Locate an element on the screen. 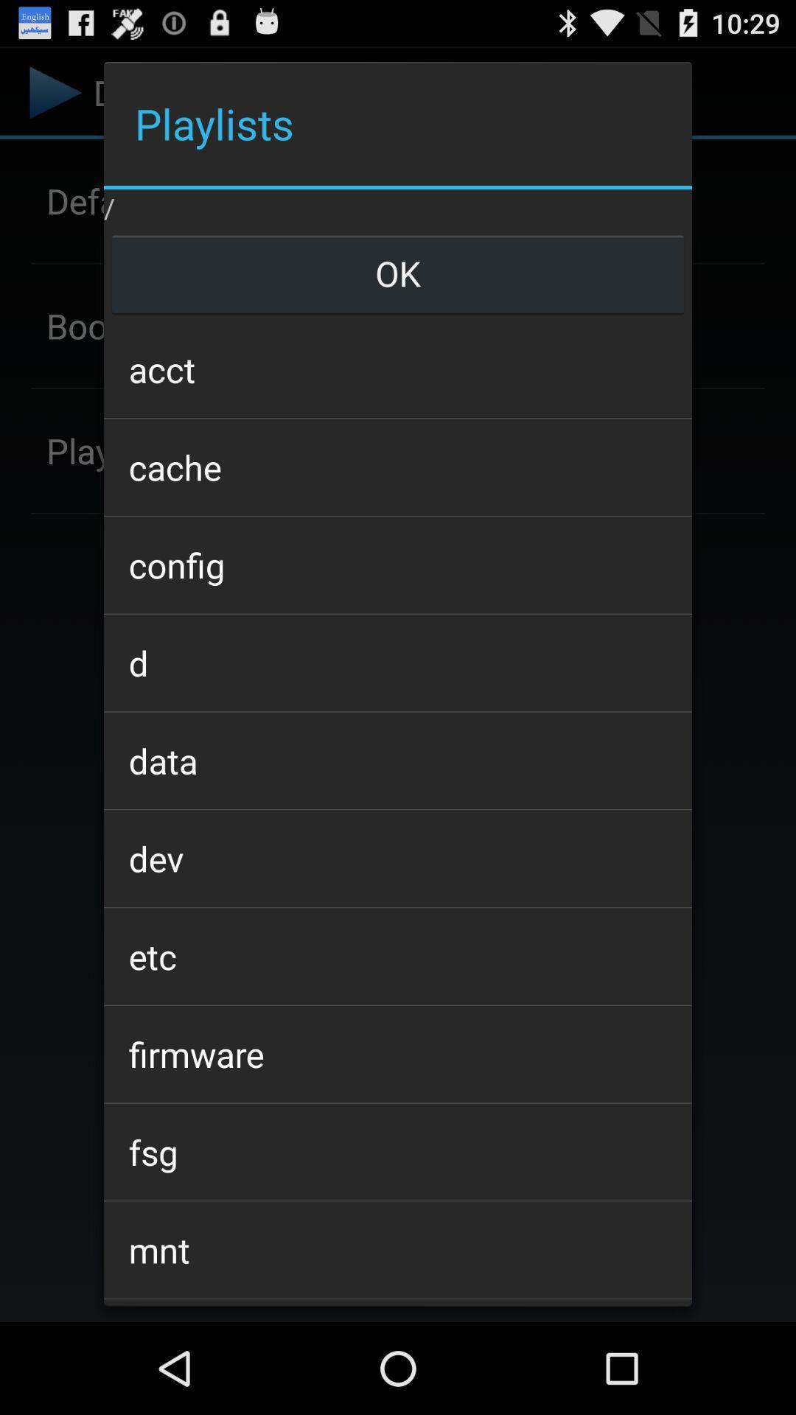  fsg icon is located at coordinates (398, 1151).